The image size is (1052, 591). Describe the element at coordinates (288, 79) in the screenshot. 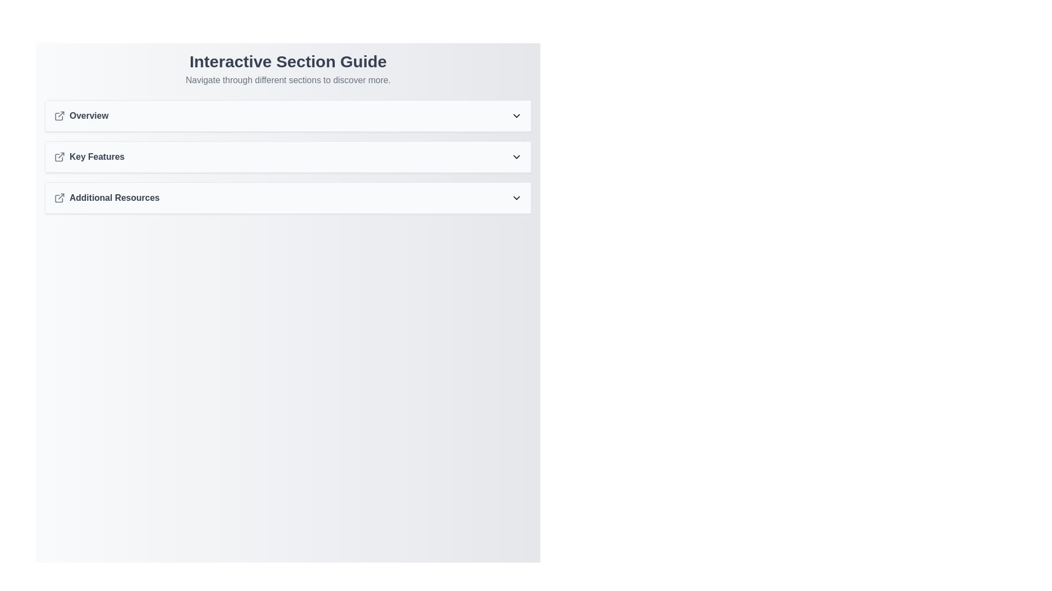

I see `the static text that reads 'Navigate through different sections to discover more.', which is styled in muted gray and located below the header 'Interactive Section Guide.'` at that location.